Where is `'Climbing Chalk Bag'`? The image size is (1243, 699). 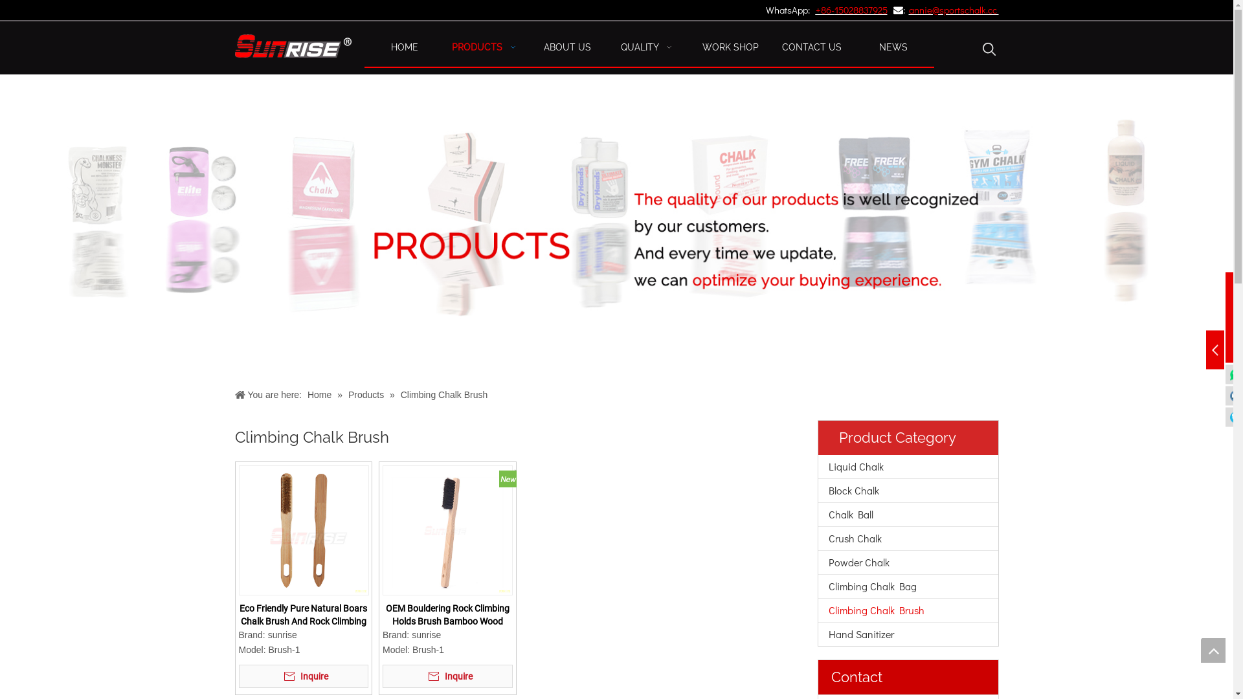 'Climbing Chalk Bag' is located at coordinates (817, 586).